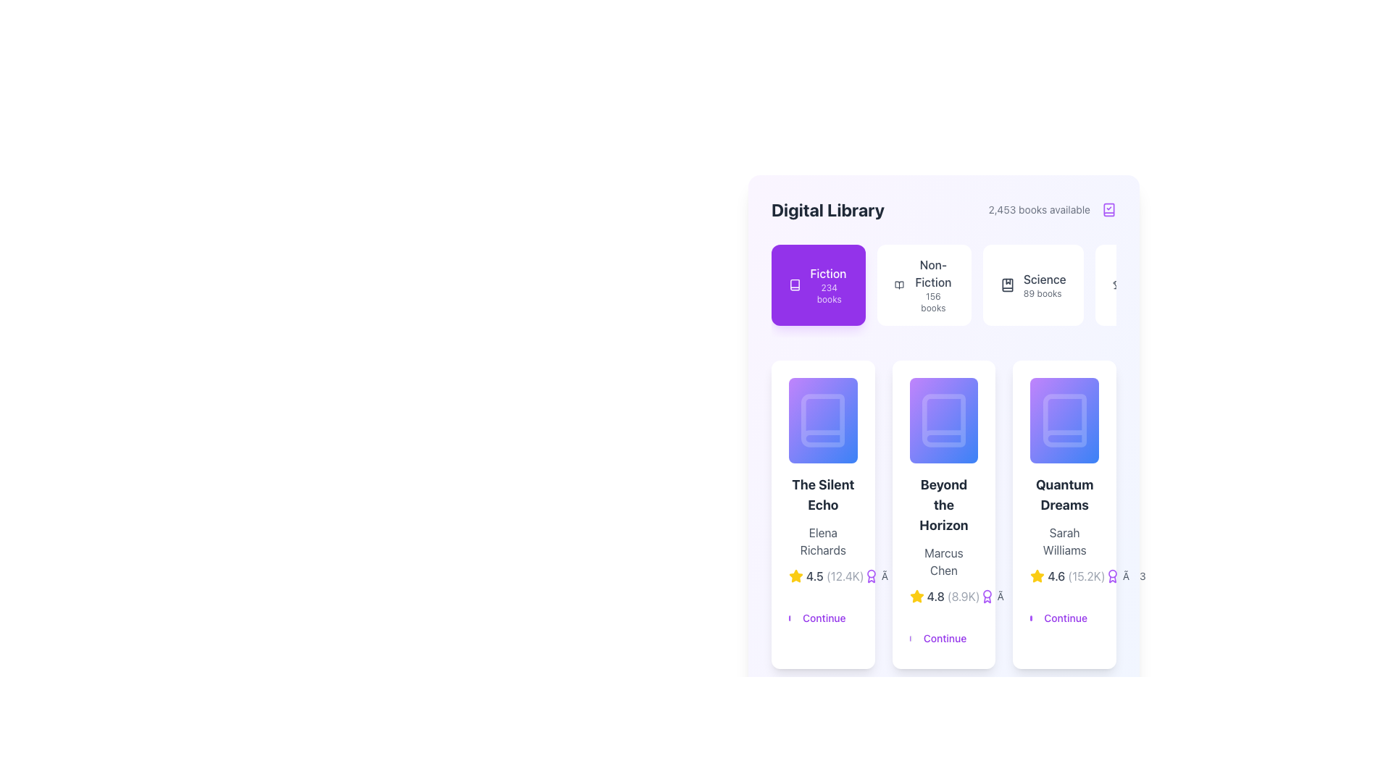  I want to click on the rating display showing an average rating of 4.5 stars and 12.4K reviews located in the first card under the 'Fiction' category, so click(826, 576).